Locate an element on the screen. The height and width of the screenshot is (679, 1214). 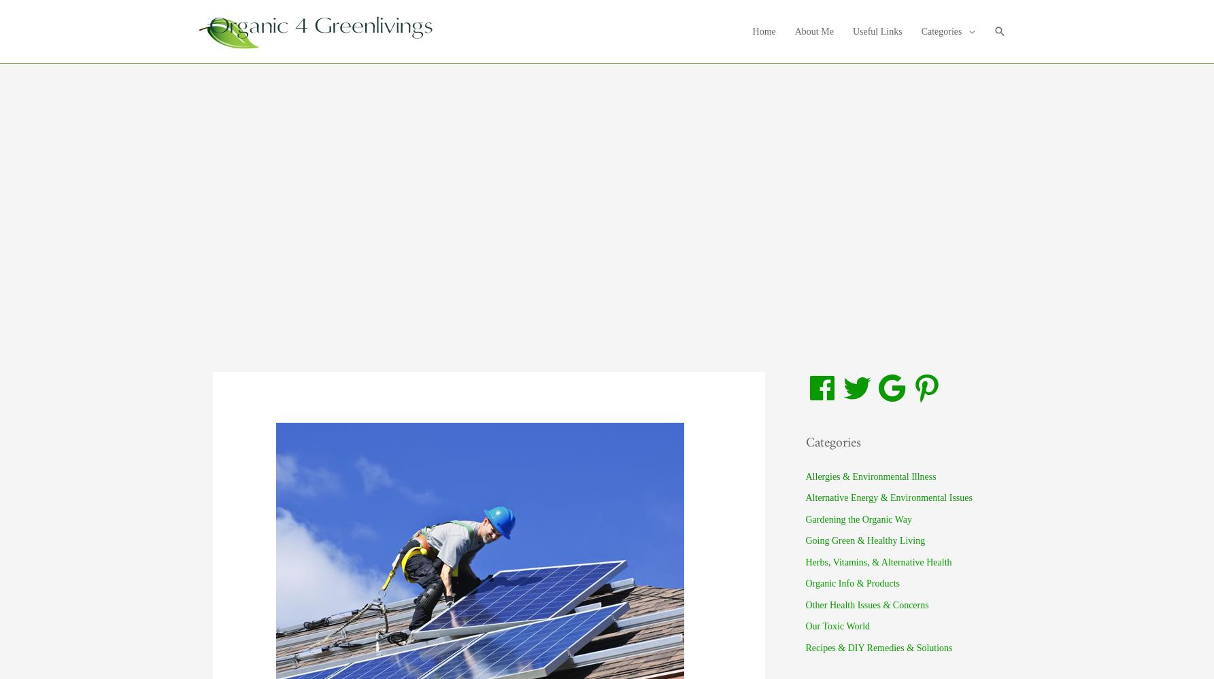
'Gardening the Organic Way' is located at coordinates (858, 518).